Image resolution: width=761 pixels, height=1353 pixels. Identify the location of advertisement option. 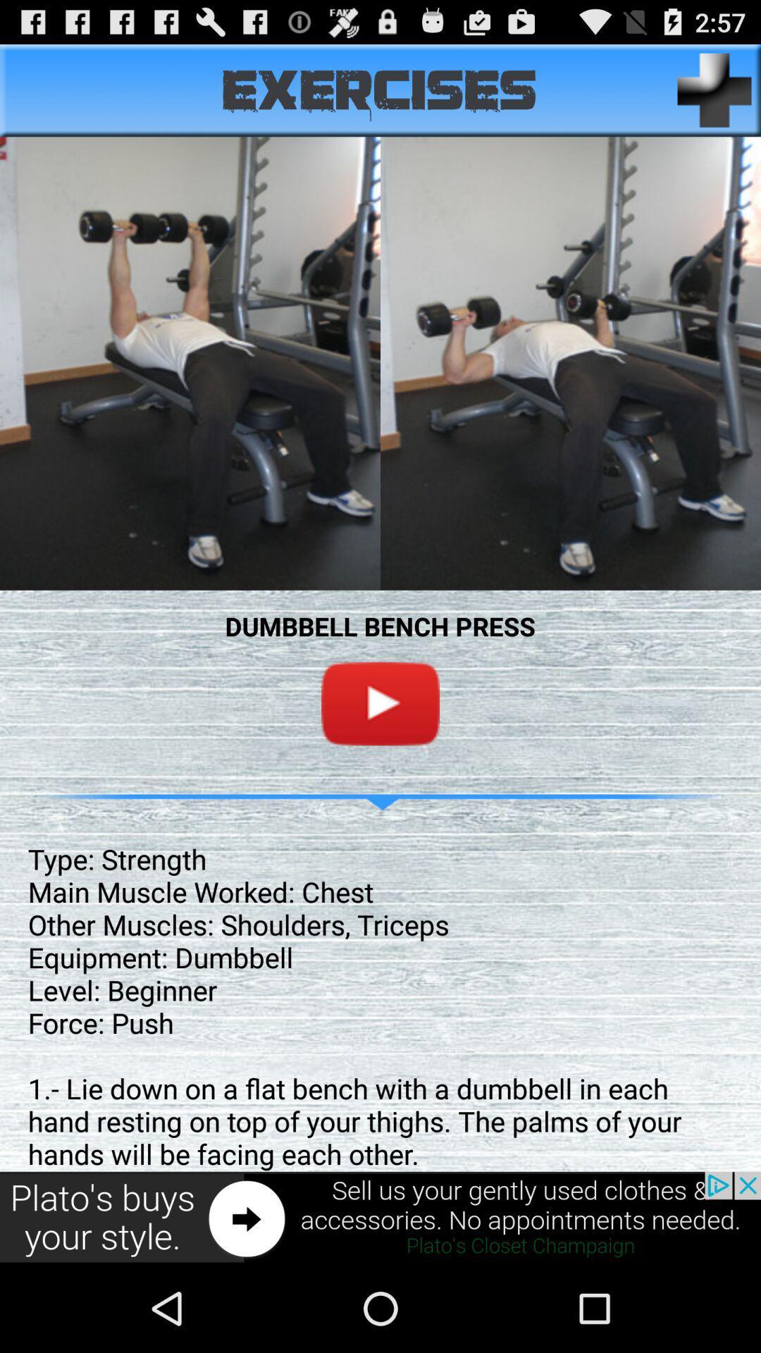
(380, 1217).